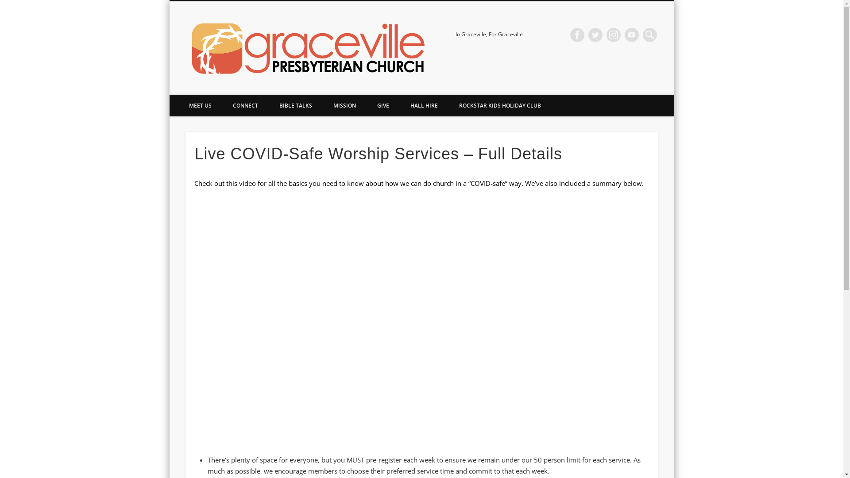 Image resolution: width=850 pixels, height=478 pixels. I want to click on 'Facebook', so click(577, 34).